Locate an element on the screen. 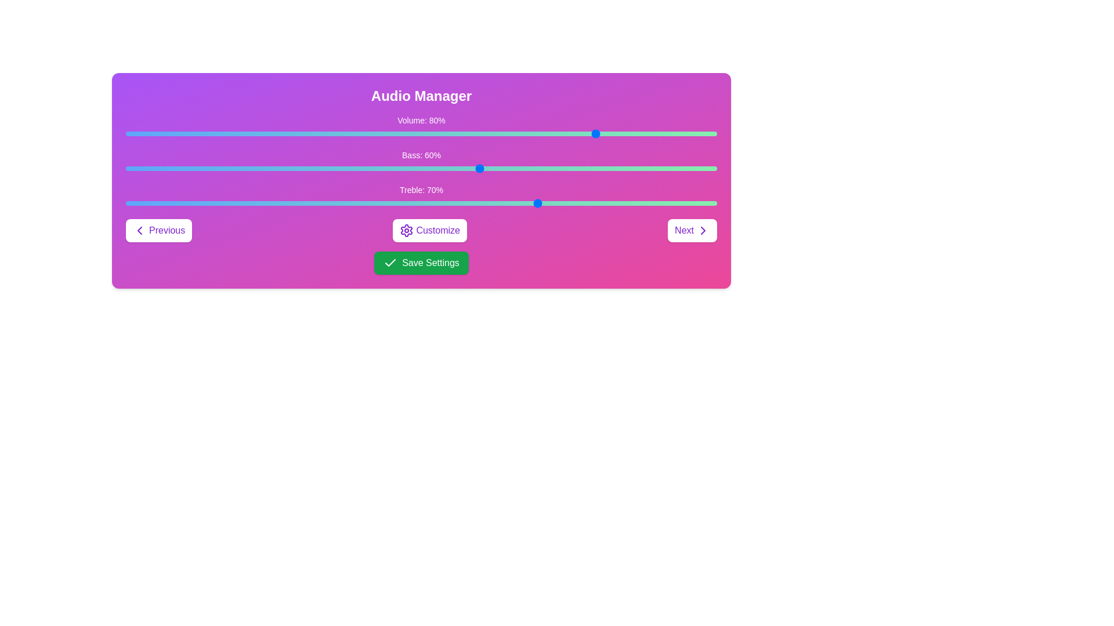 The image size is (1114, 626). the green rectangular 'Save Settings' button with rounded edges located at the bottom center of the interface is located at coordinates (421, 263).